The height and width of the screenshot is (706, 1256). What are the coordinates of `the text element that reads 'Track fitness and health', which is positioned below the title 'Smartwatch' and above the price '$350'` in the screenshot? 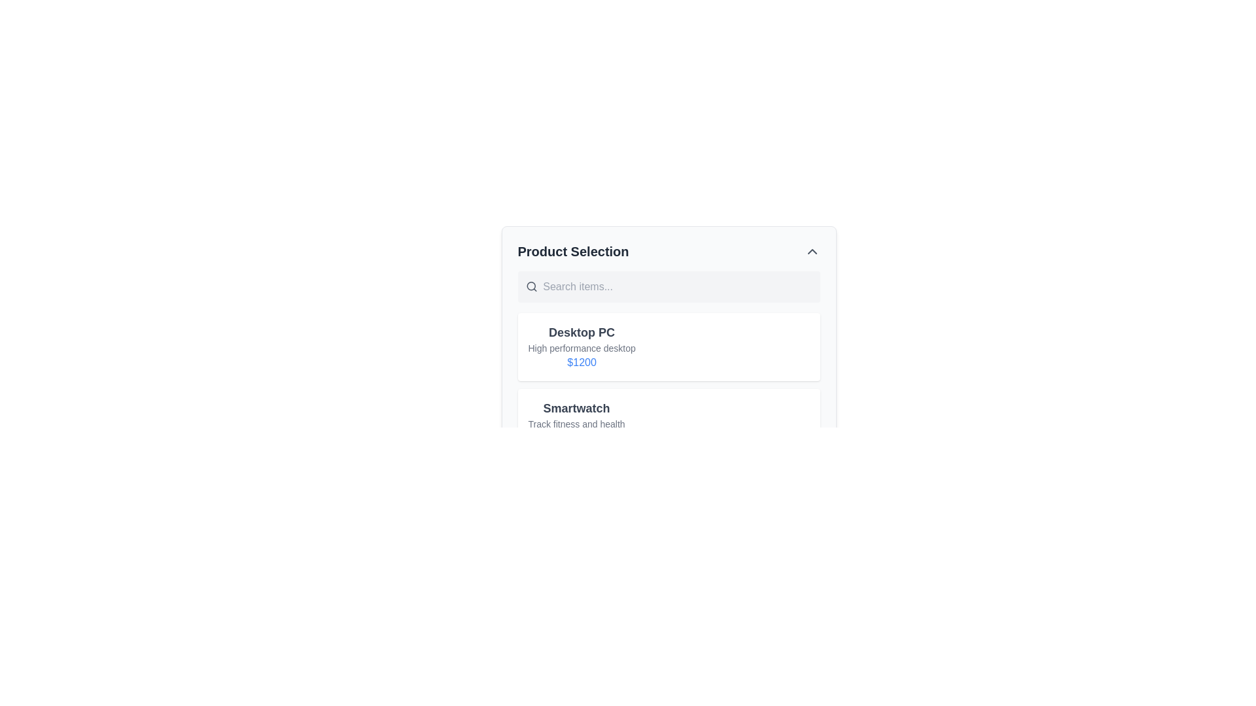 It's located at (576, 424).